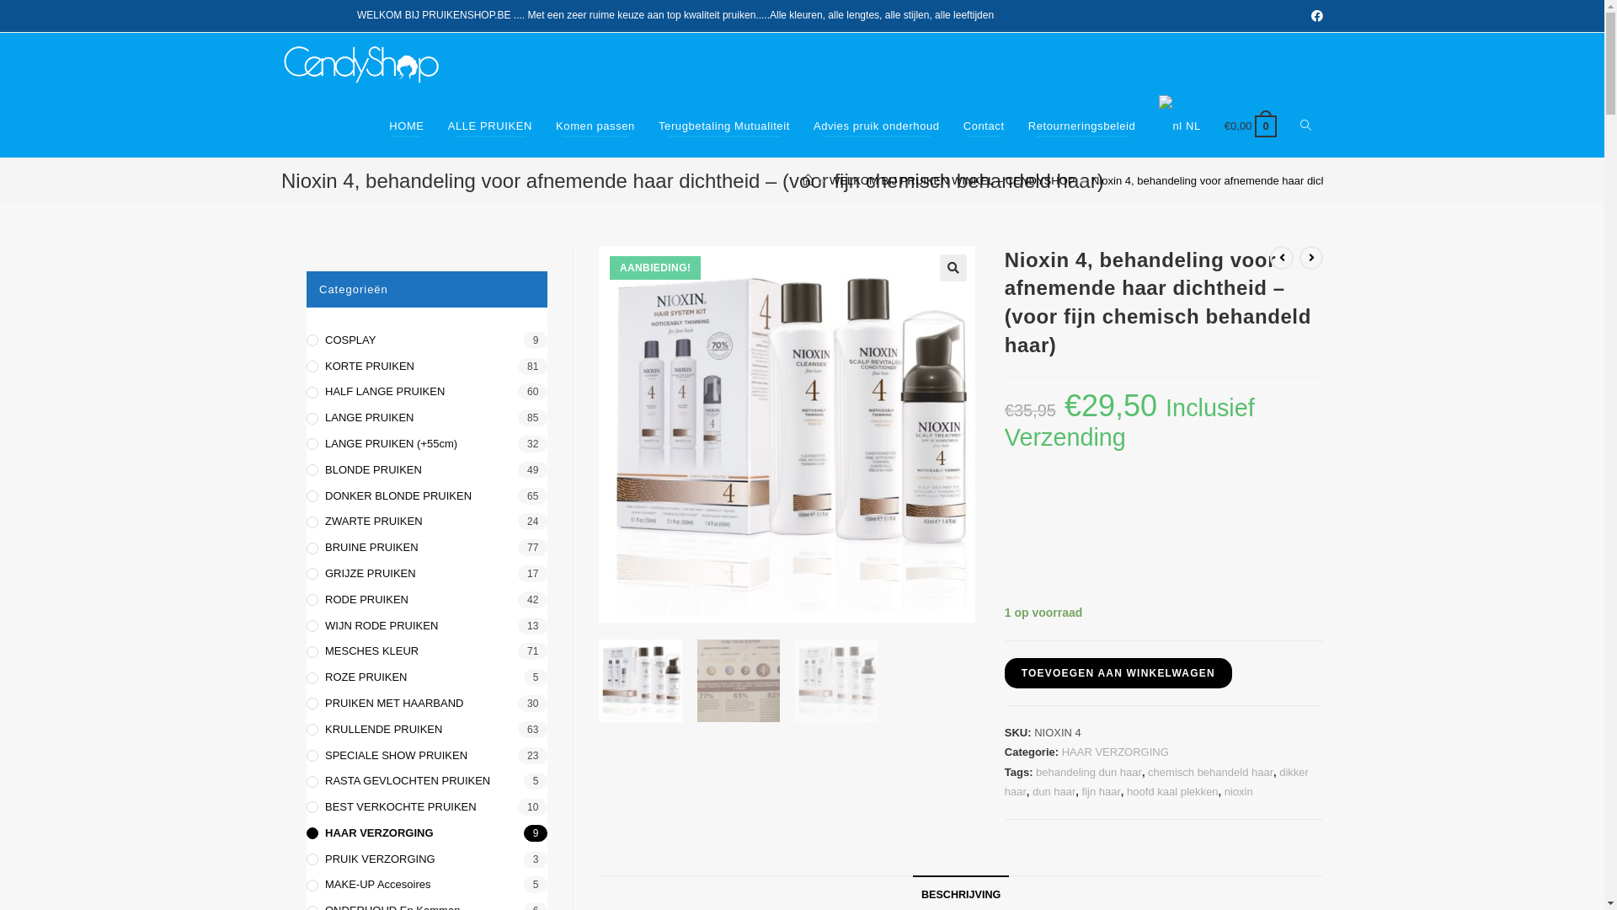 This screenshot has width=1617, height=910. I want to click on 'Terugbetaling Mutualiteit', so click(646, 126).